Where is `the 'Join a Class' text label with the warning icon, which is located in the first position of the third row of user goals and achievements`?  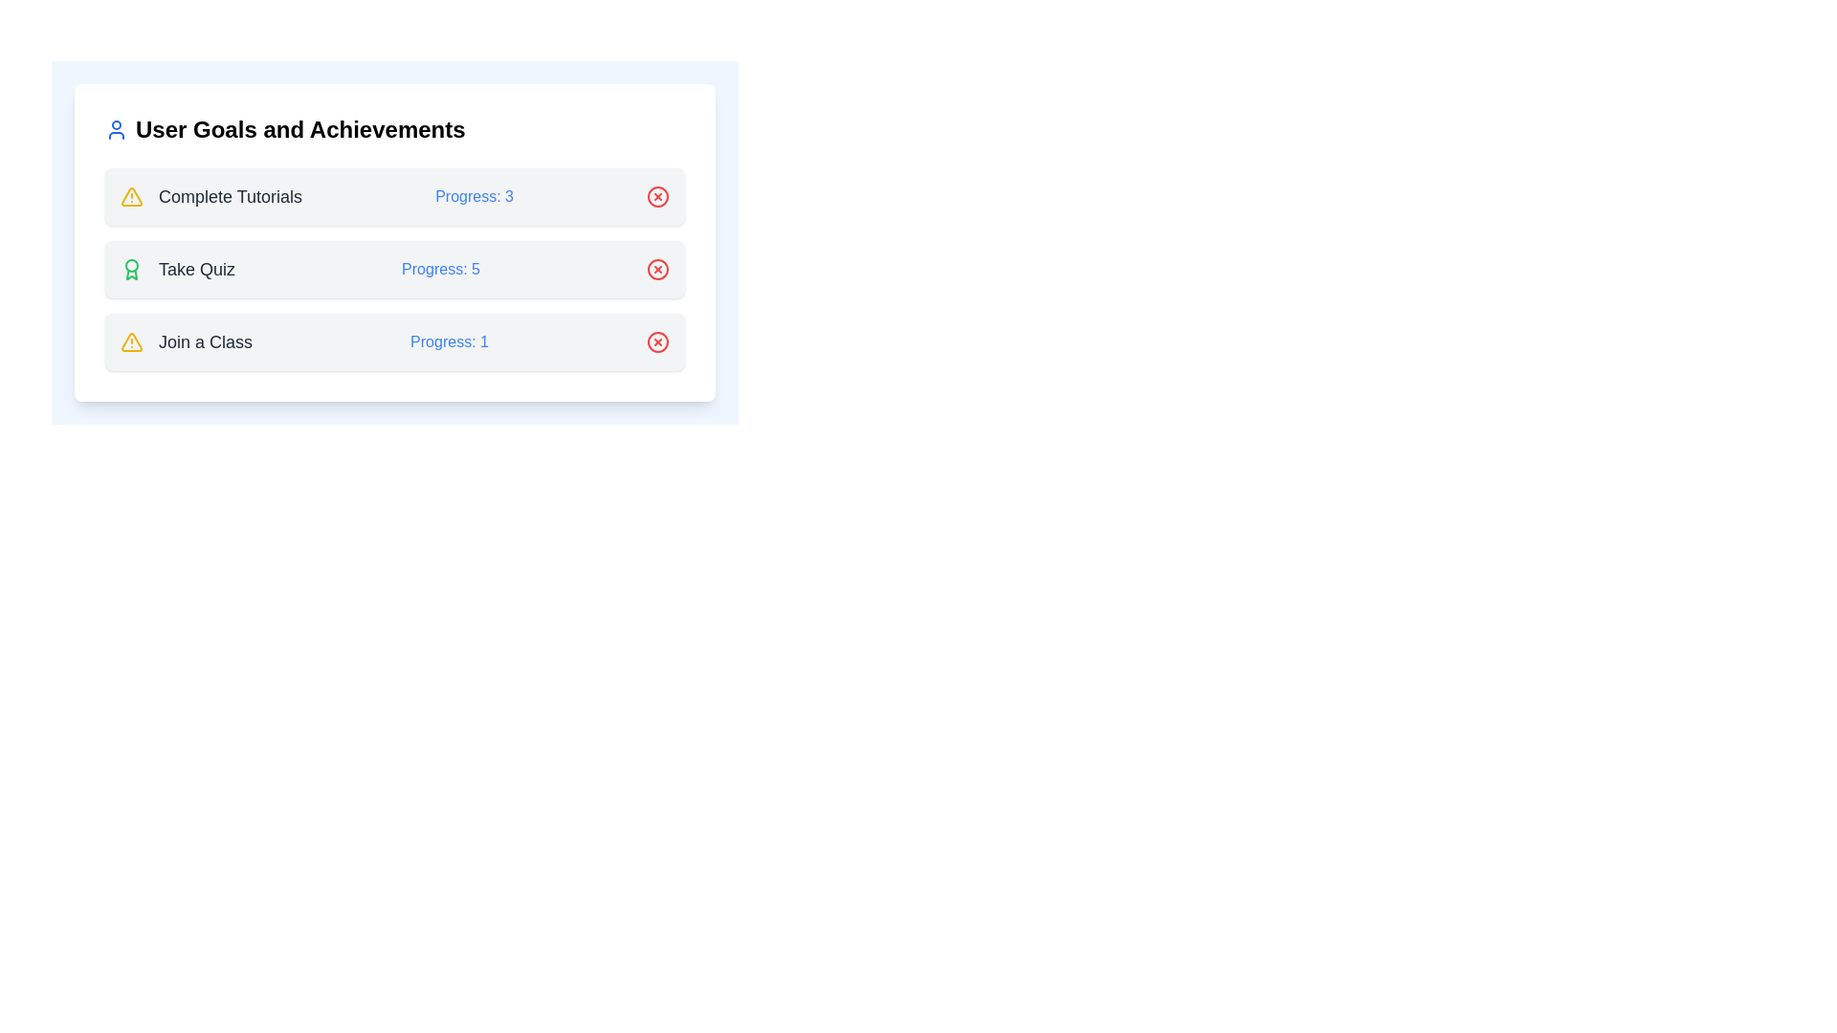
the 'Join a Class' text label with the warning icon, which is located in the first position of the third row of user goals and achievements is located at coordinates (187, 341).